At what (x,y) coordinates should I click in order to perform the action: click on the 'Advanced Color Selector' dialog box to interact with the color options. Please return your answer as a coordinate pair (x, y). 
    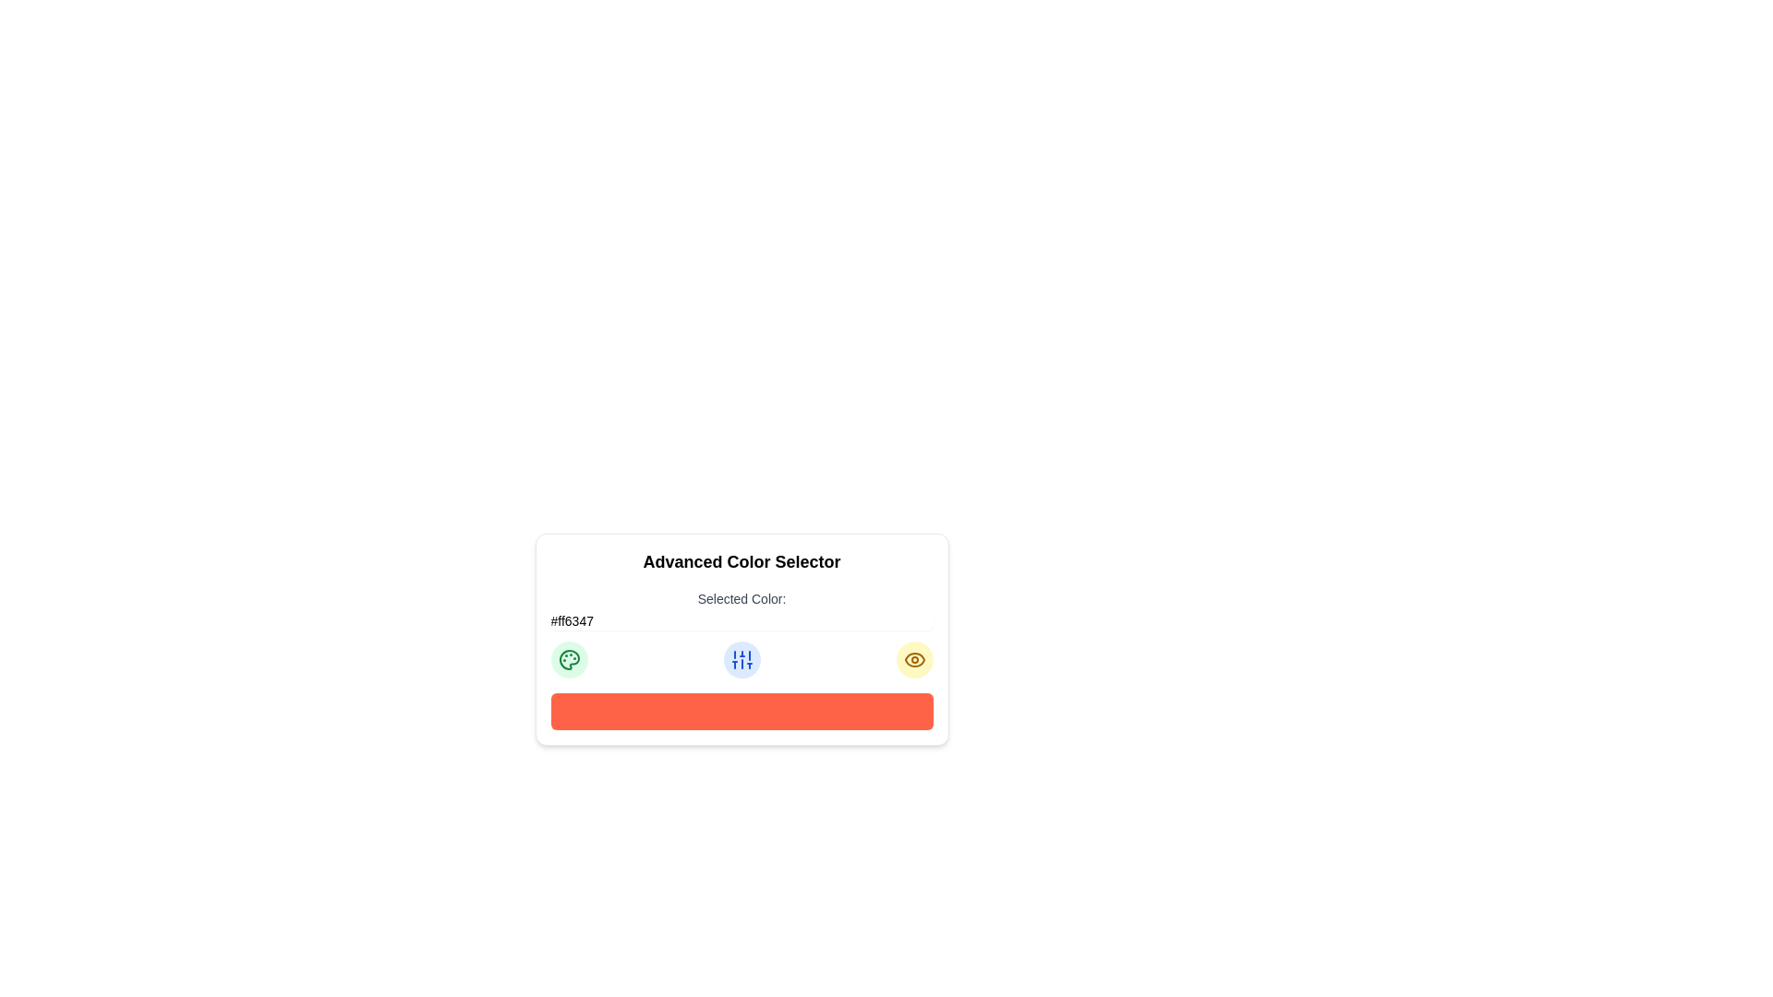
    Looking at the image, I should click on (742, 639).